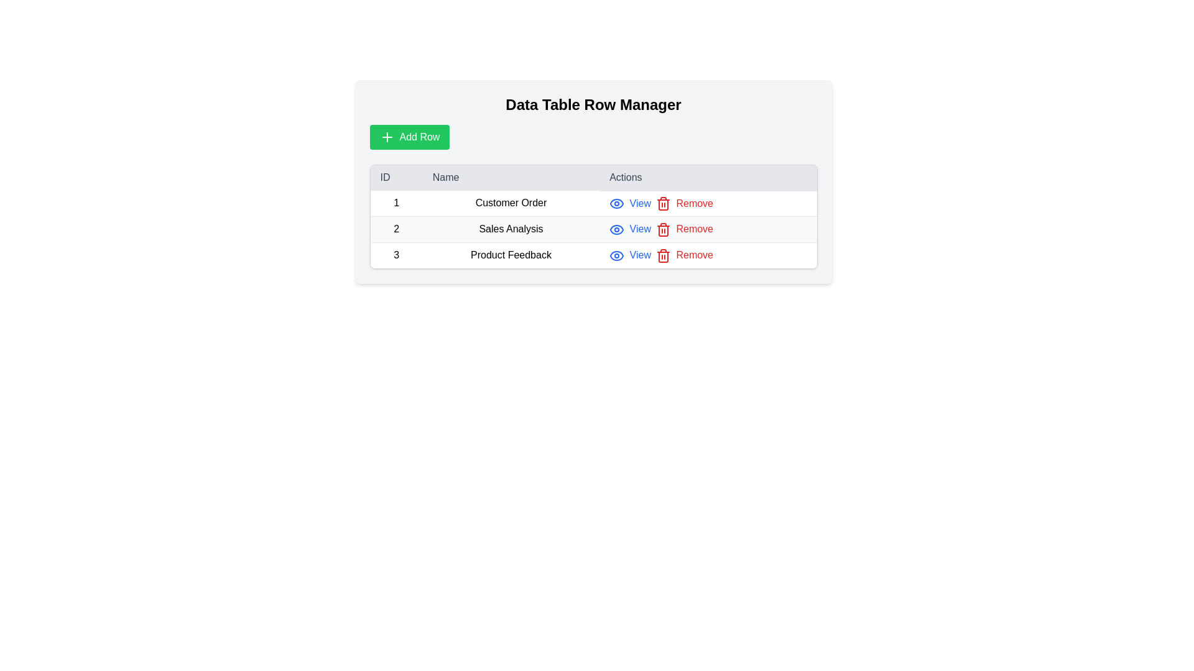  Describe the element at coordinates (396, 254) in the screenshot. I see `the table cell displaying the number '3' in the 'ID' column of the third row for potential row interaction` at that location.